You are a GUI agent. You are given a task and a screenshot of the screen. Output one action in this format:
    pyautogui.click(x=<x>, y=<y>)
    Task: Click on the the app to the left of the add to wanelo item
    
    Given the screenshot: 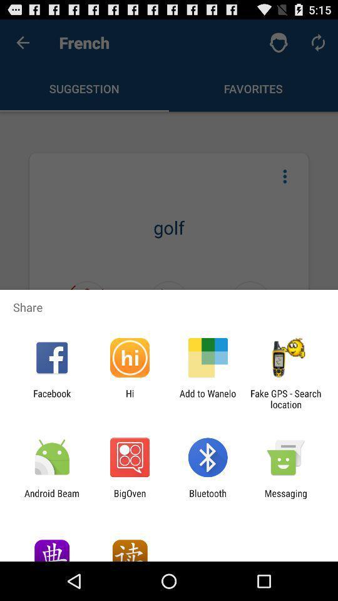 What is the action you would take?
    pyautogui.click(x=129, y=398)
    